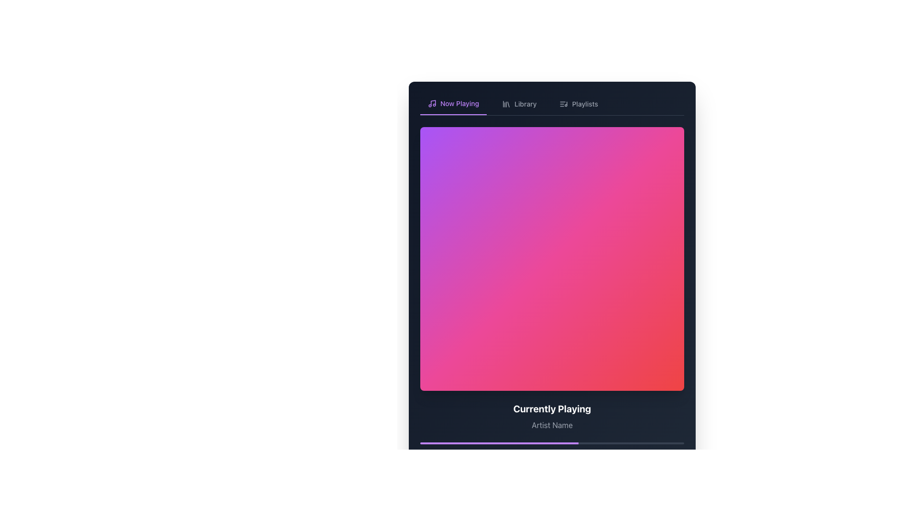 The image size is (918, 516). What do you see at coordinates (426, 452) in the screenshot?
I see `the Text Label indicating elapsed time in the bottom-left of the media player interface` at bounding box center [426, 452].